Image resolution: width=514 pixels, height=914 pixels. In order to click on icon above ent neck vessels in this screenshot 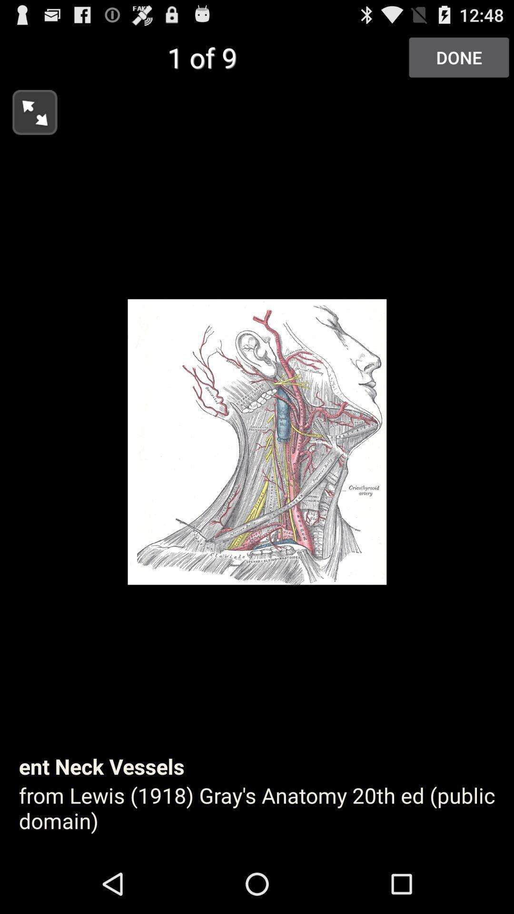, I will do `click(458, 57)`.